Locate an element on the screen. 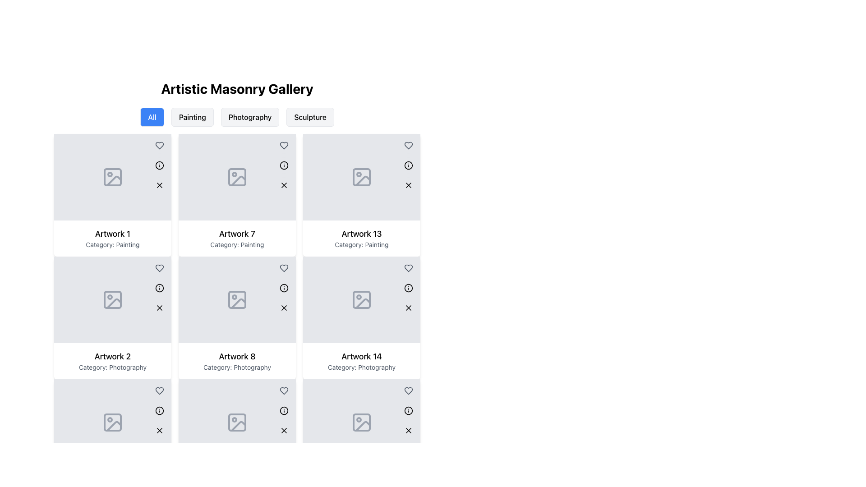  the circular icon button with an 'i' symbol located at the bottom right corner of the 'Artwork 8' card is located at coordinates (283, 410).